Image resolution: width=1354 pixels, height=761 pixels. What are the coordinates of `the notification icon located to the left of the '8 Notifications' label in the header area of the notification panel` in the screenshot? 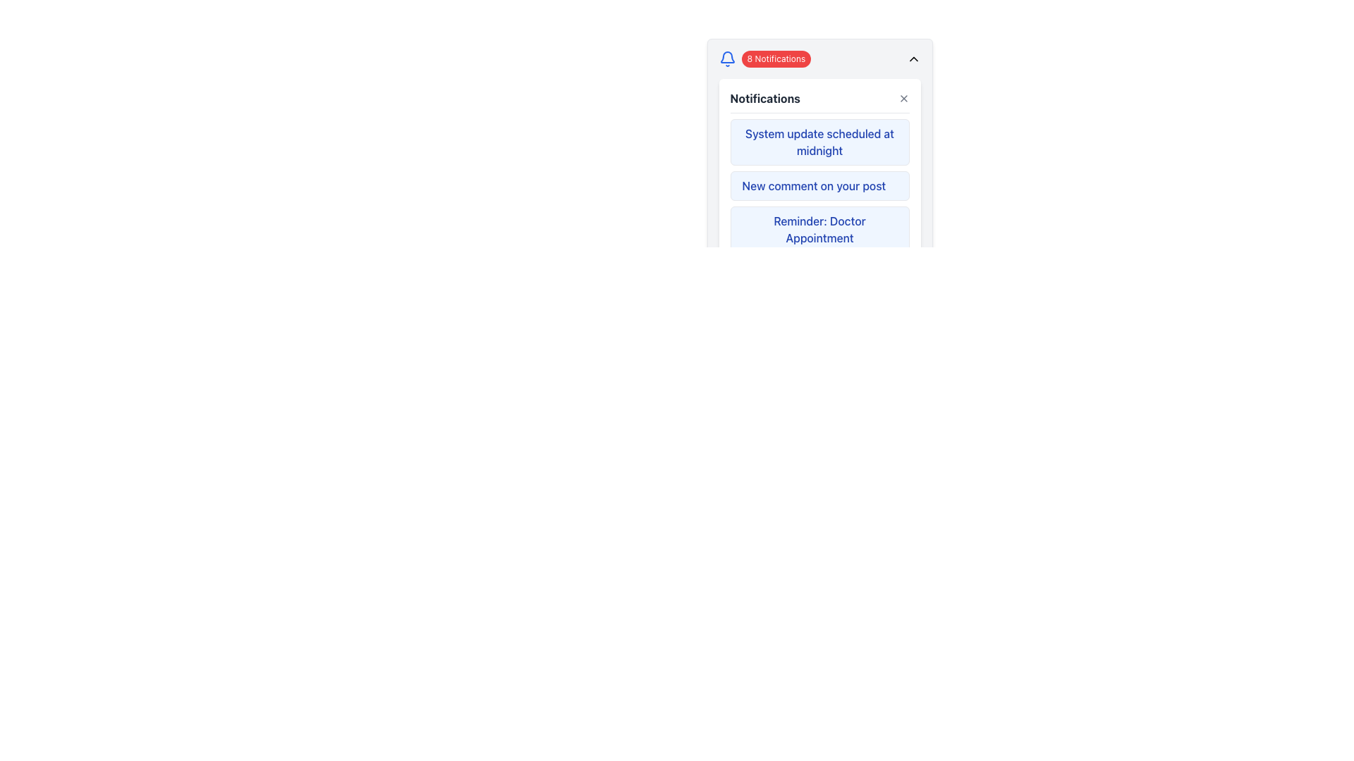 It's located at (727, 58).